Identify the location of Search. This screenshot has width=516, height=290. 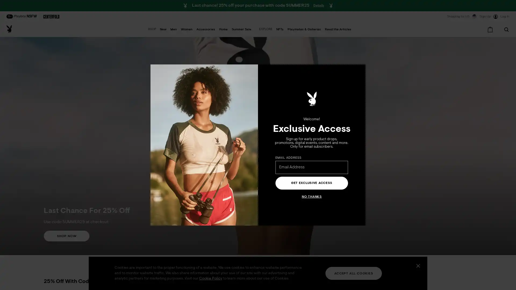
(506, 30).